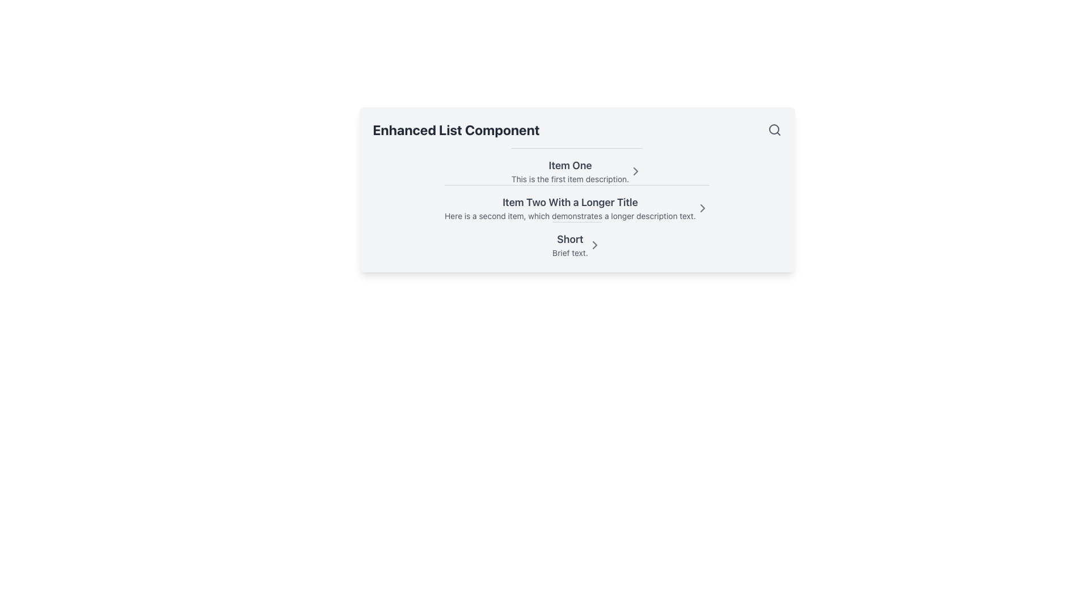  I want to click on the line of text that reads 'Here is a second item, which demonstrates a longer description text.' which is displayed in a smaller light gray font and is located below the title 'Item Two With a Longer Title', so click(570, 216).